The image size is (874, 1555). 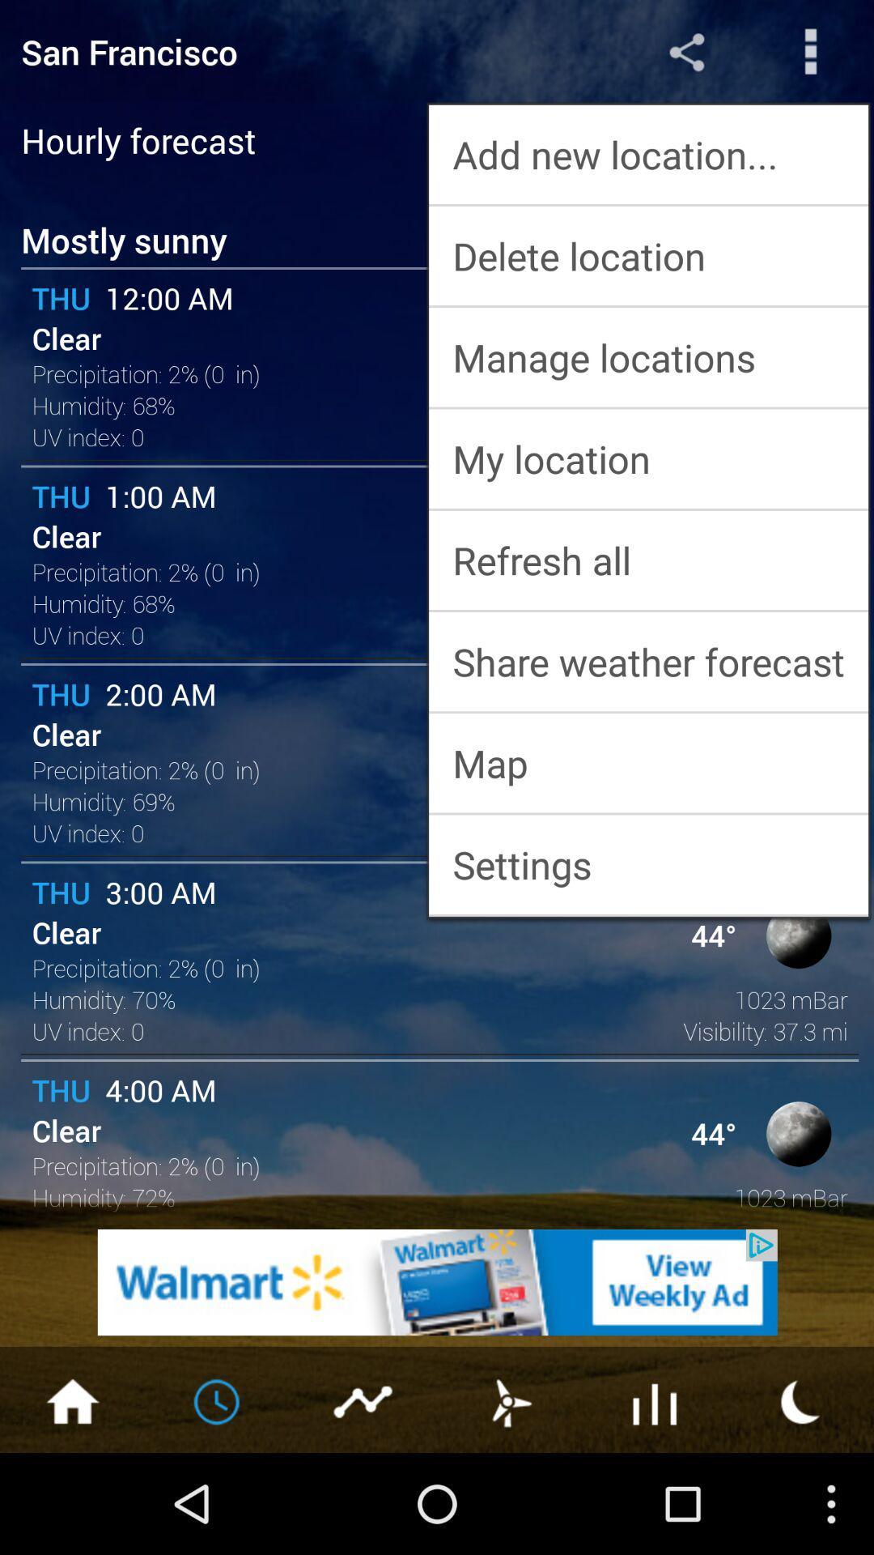 What do you see at coordinates (647, 662) in the screenshot?
I see `the share weather forecast` at bounding box center [647, 662].